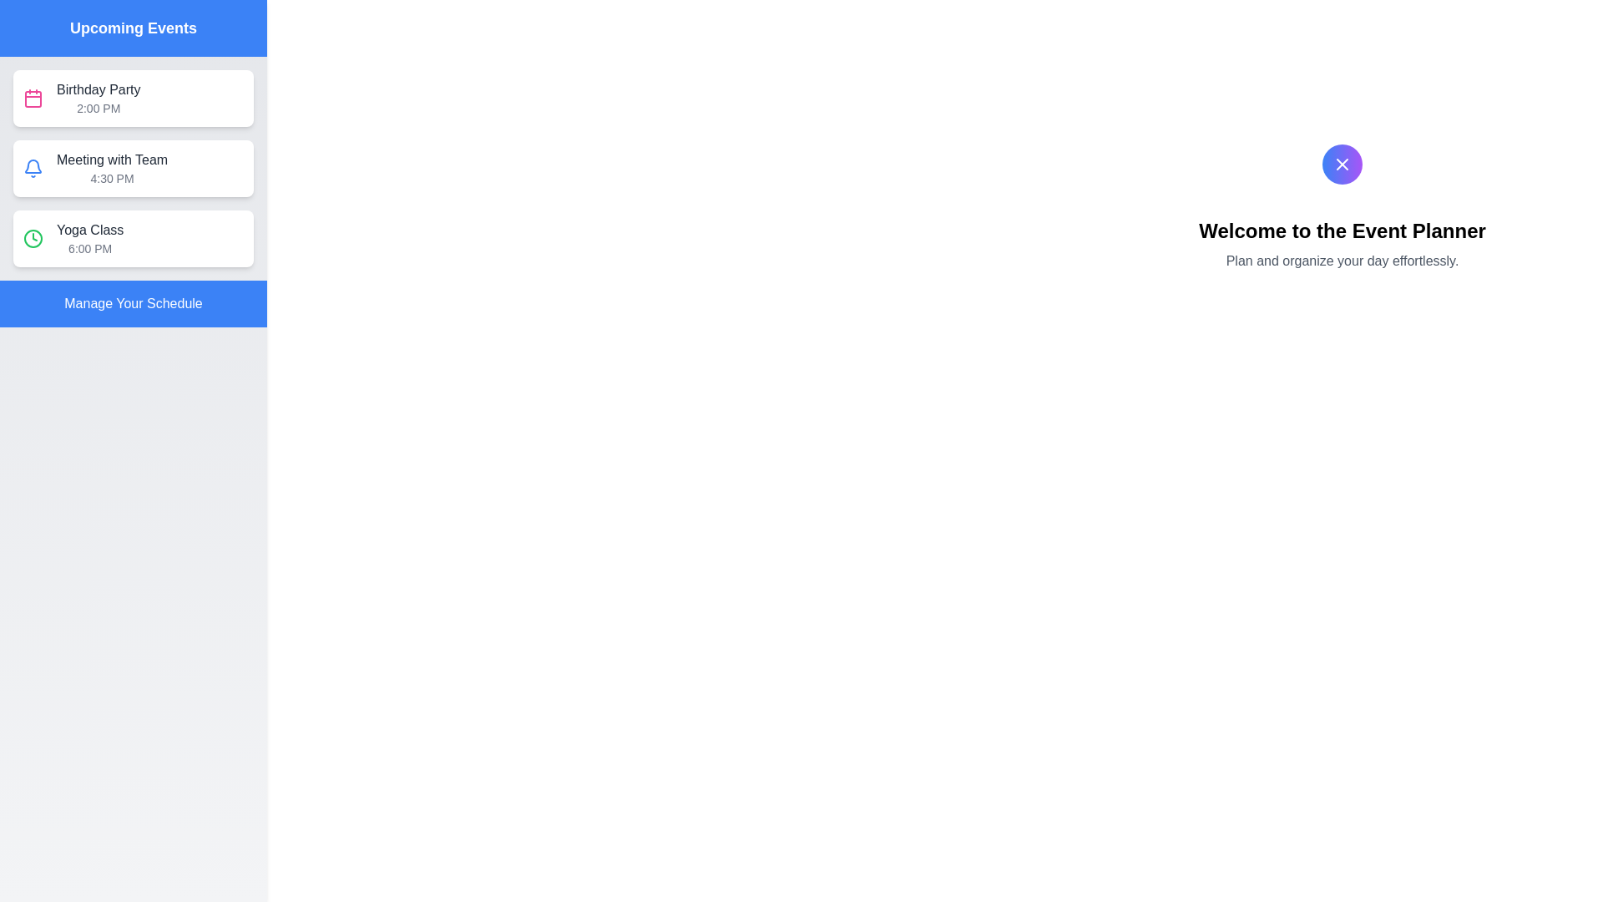 The width and height of the screenshot is (1603, 902). What do you see at coordinates (111, 178) in the screenshot?
I see `time displayed in the text label showing '4:30 PM', which is located below 'Meeting with Team' in the blue sidebar on the left` at bounding box center [111, 178].